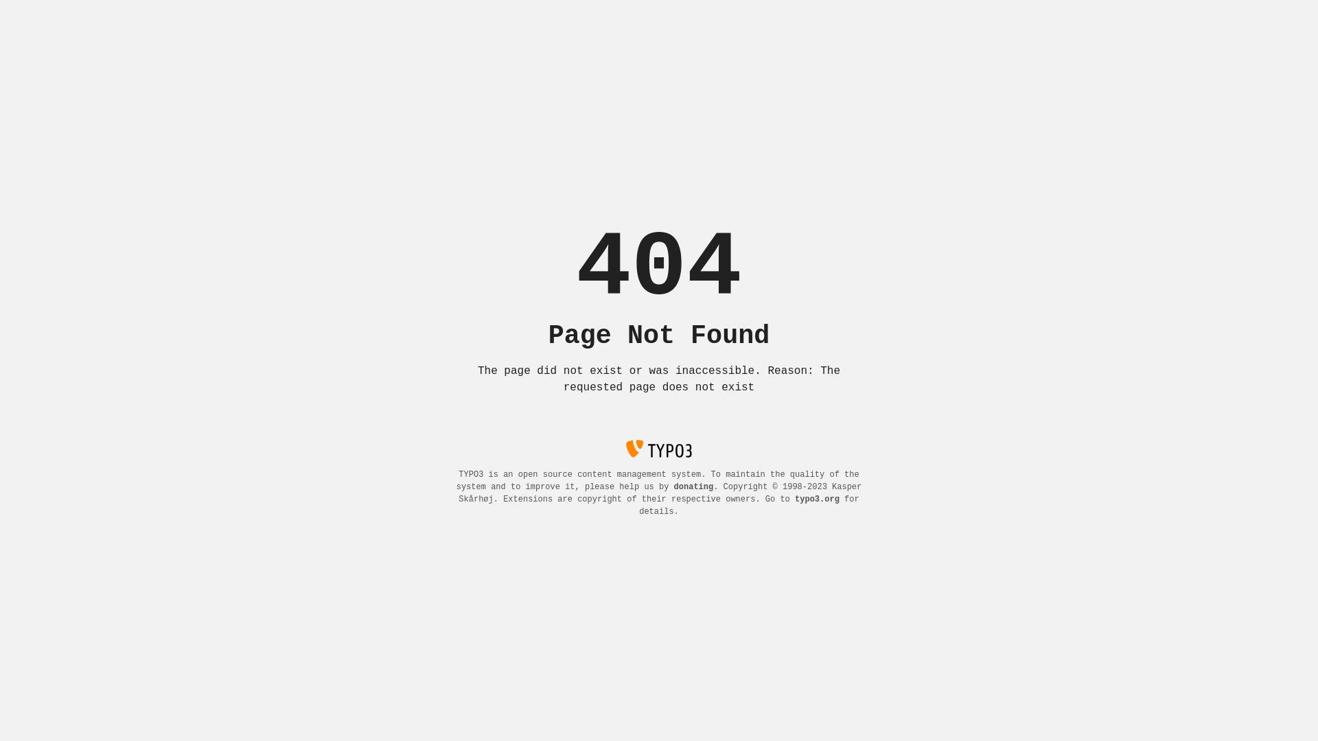  What do you see at coordinates (694, 486) in the screenshot?
I see `'donating'` at bounding box center [694, 486].